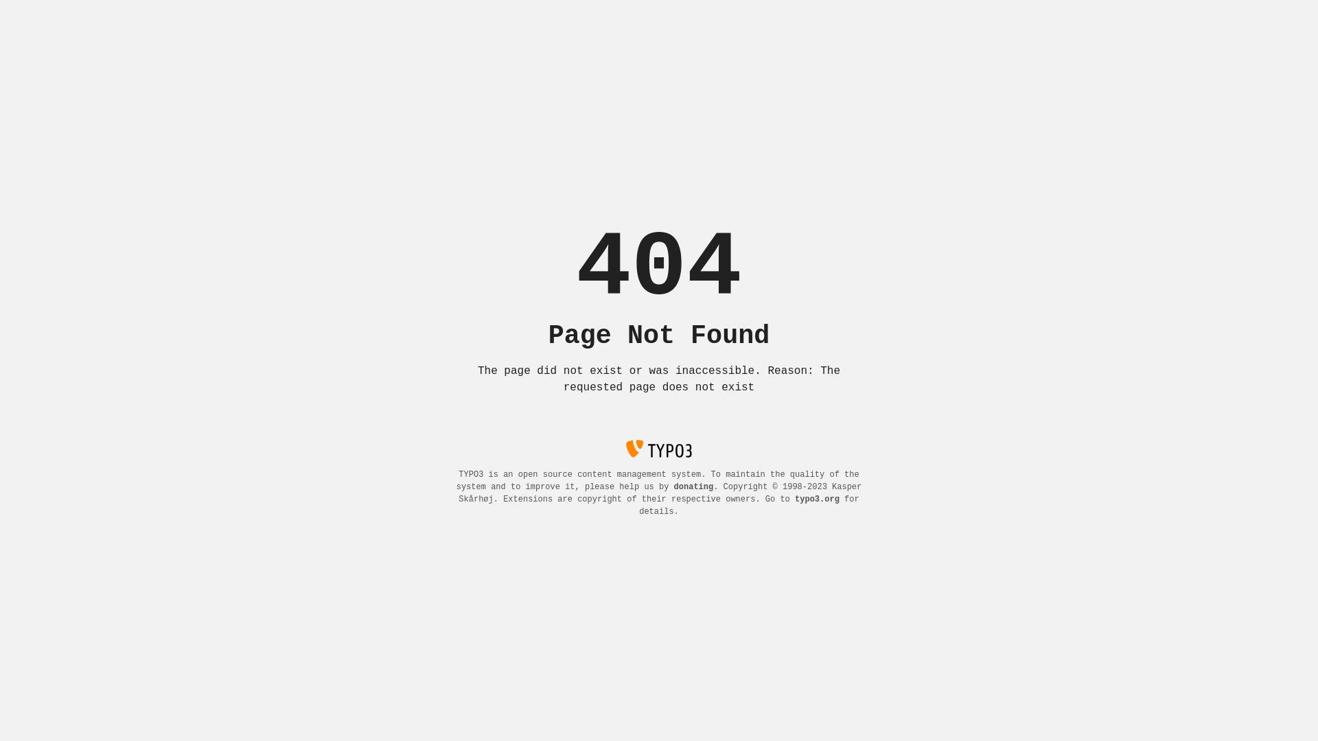  What do you see at coordinates (694, 486) in the screenshot?
I see `'donating'` at bounding box center [694, 486].